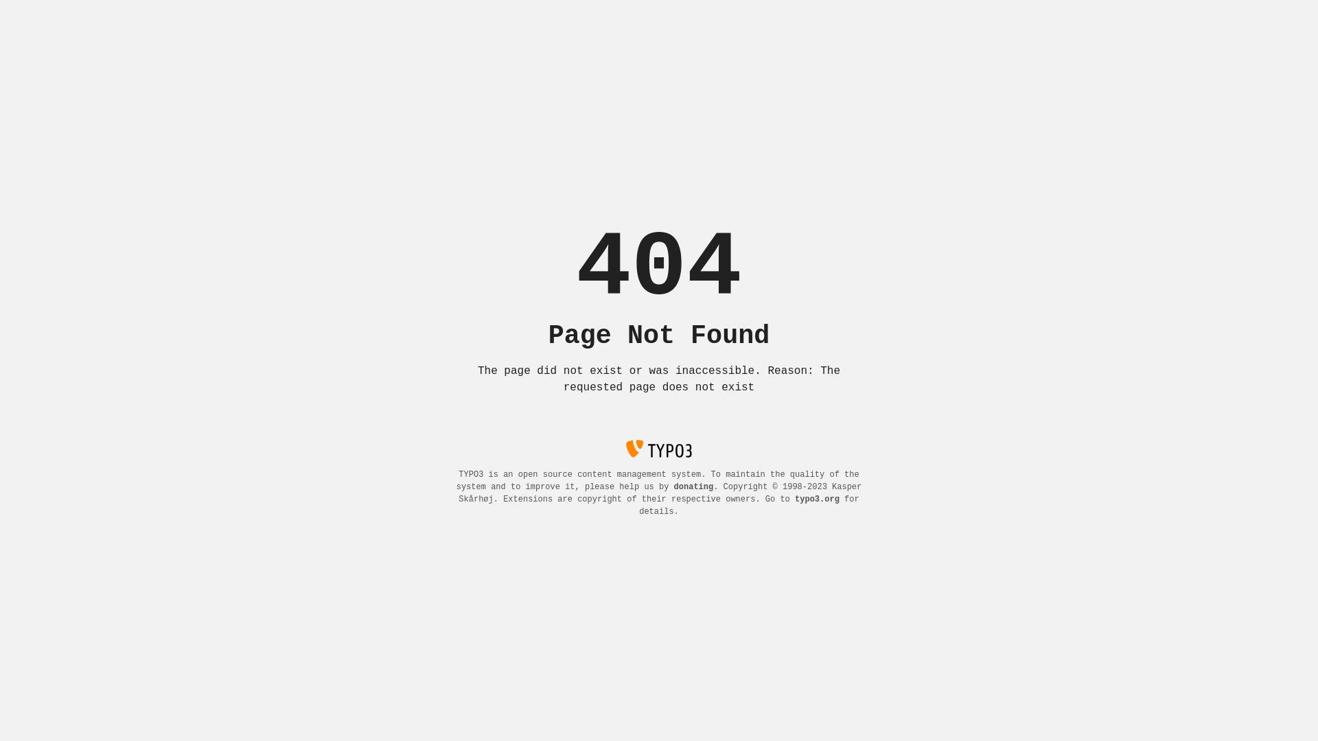  What do you see at coordinates (694, 486) in the screenshot?
I see `'donating'` at bounding box center [694, 486].